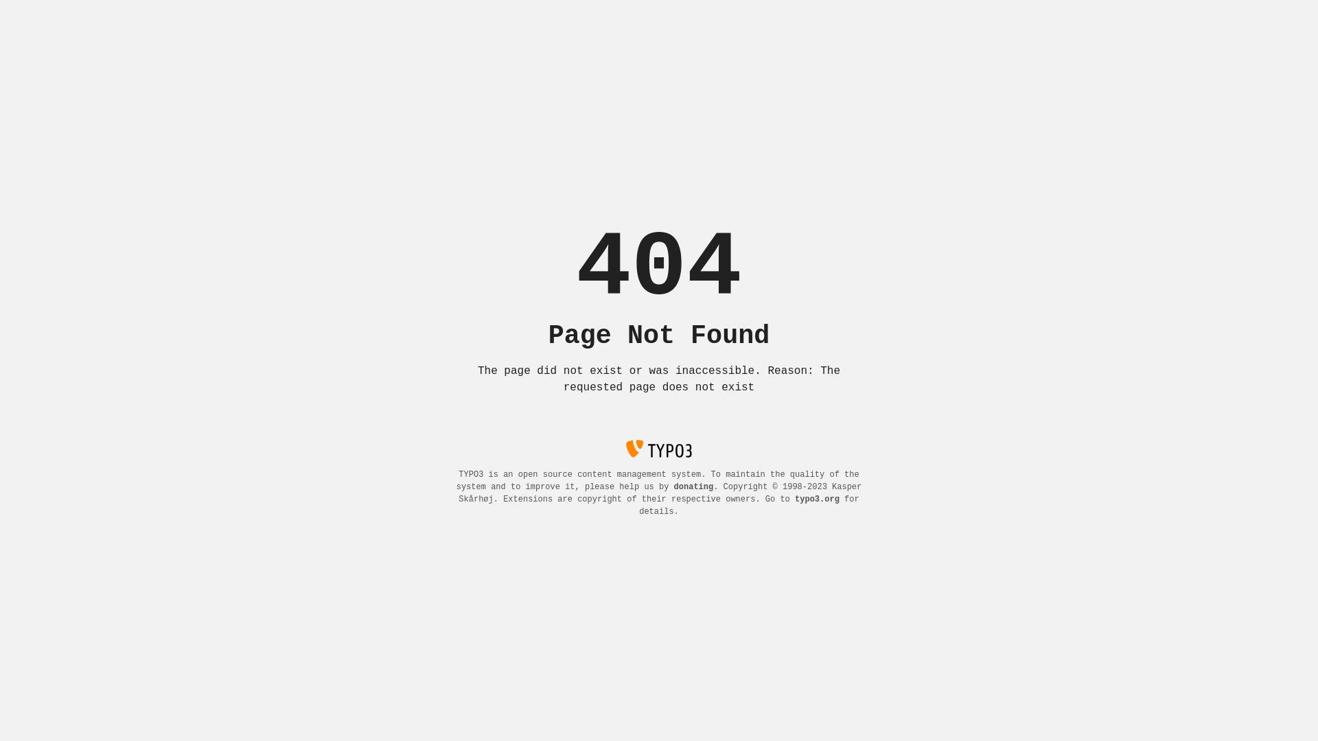  What do you see at coordinates (694, 486) in the screenshot?
I see `'donating'` at bounding box center [694, 486].